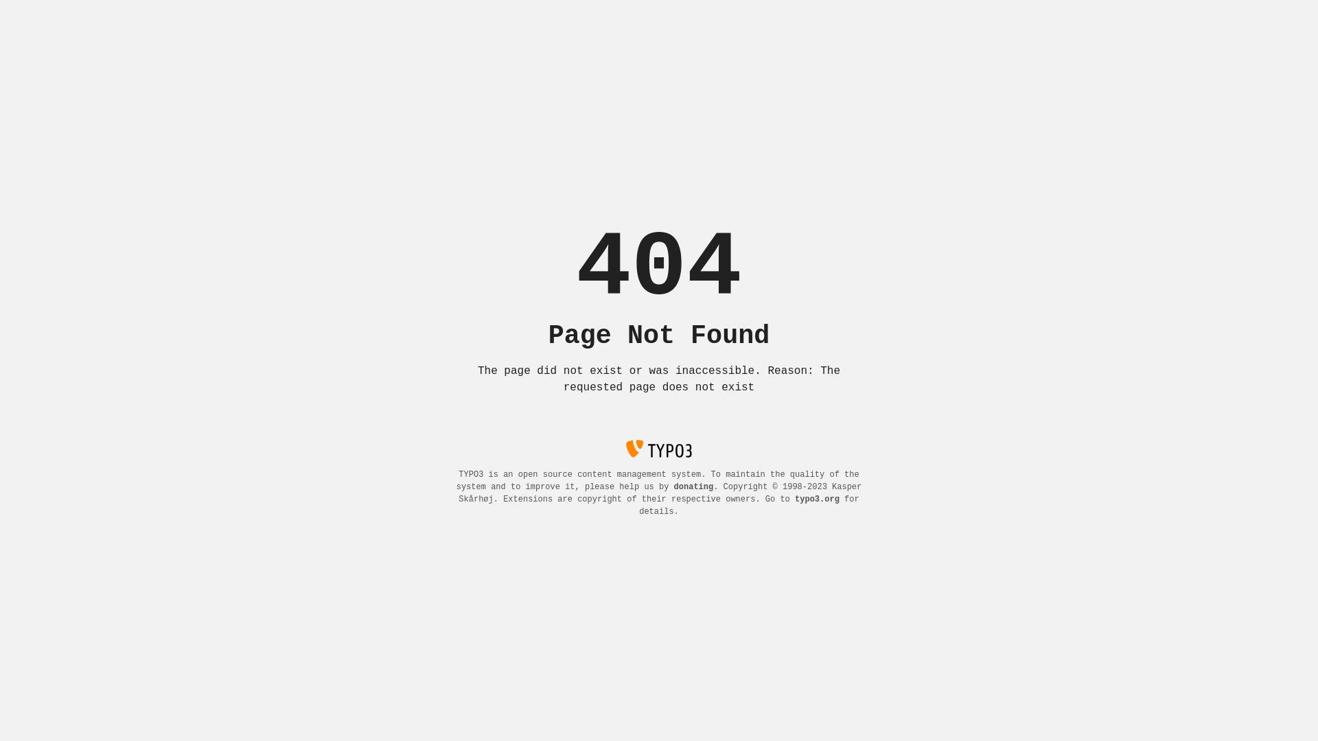  What do you see at coordinates (694, 486) in the screenshot?
I see `'donating'` at bounding box center [694, 486].